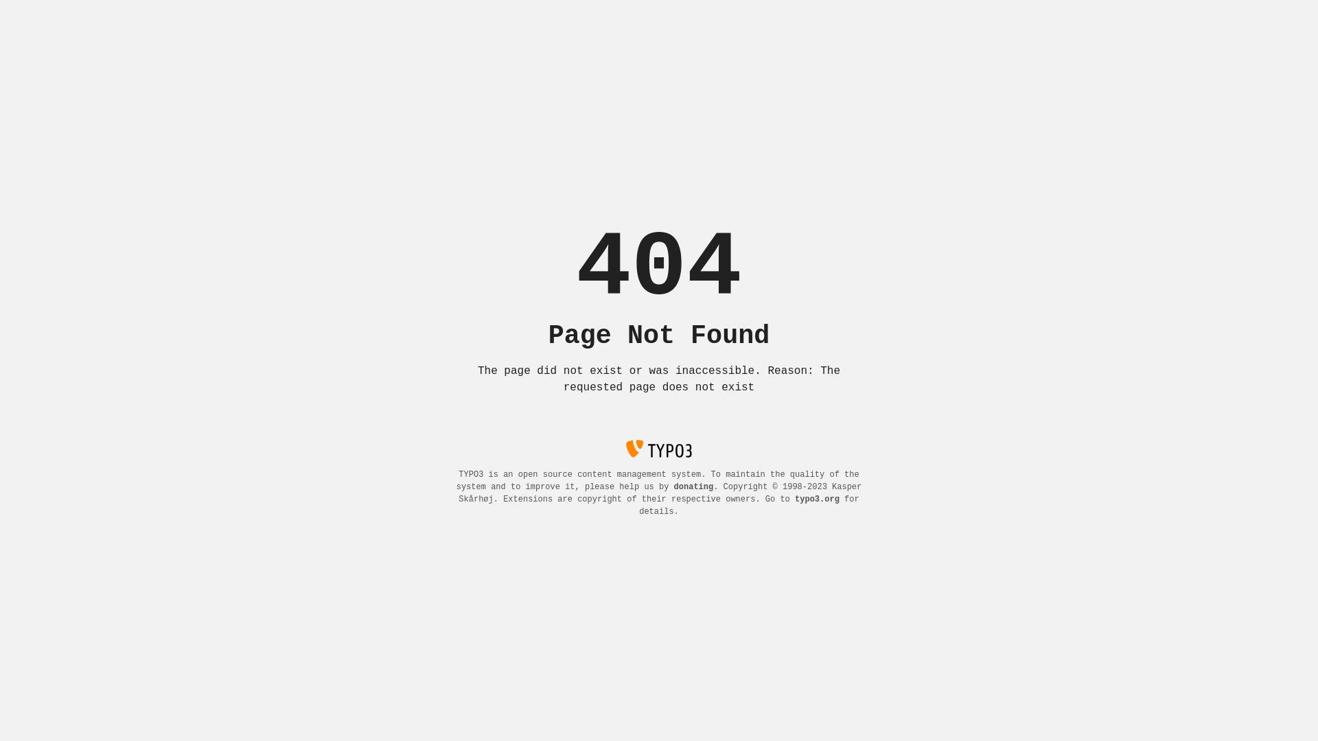  What do you see at coordinates (694, 486) in the screenshot?
I see `'donating'` at bounding box center [694, 486].